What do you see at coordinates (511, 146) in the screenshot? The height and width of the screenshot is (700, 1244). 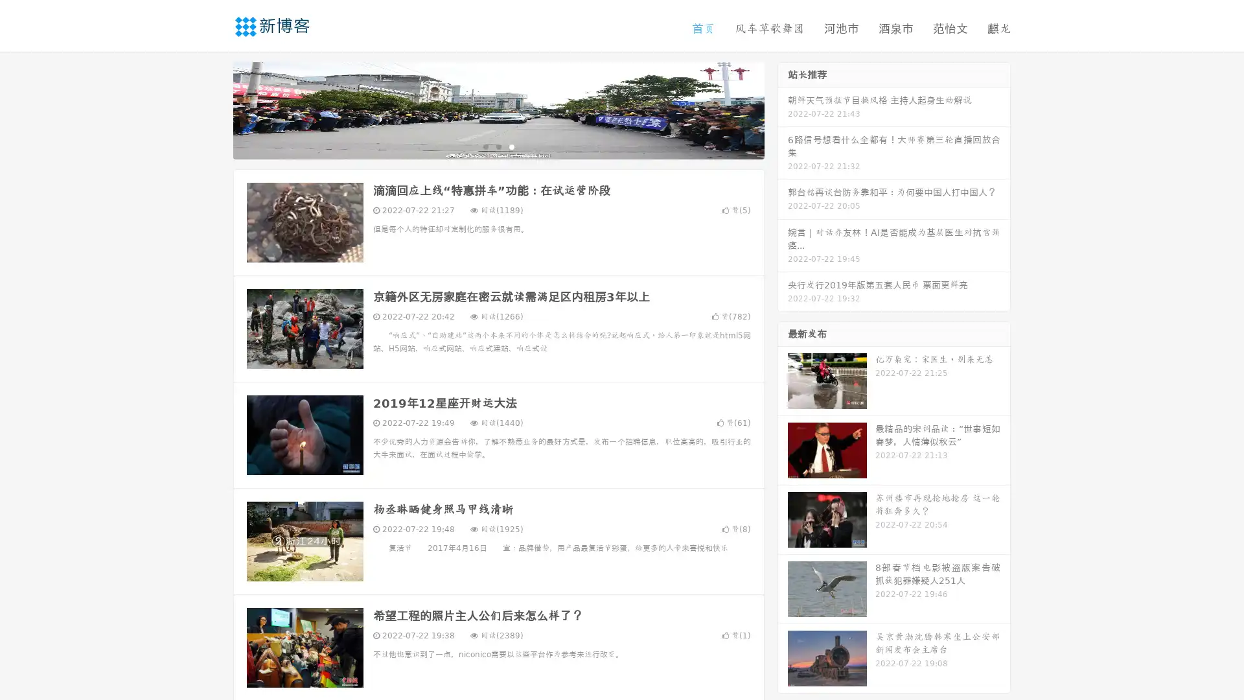 I see `Go to slide 3` at bounding box center [511, 146].